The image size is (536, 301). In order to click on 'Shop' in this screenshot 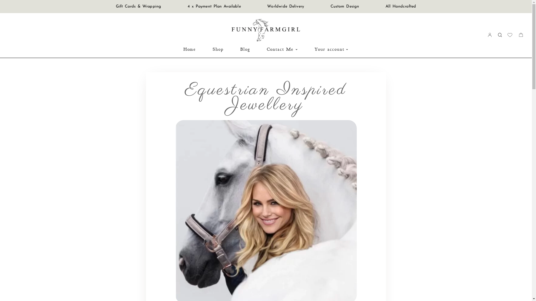, I will do `click(218, 49)`.